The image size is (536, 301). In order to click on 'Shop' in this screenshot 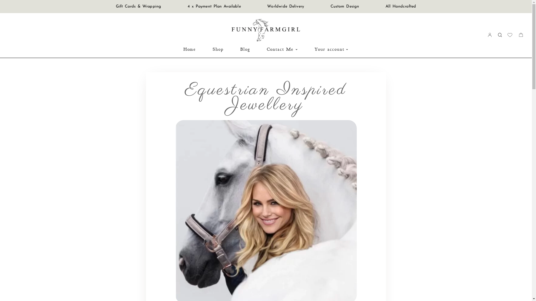, I will do `click(218, 49)`.